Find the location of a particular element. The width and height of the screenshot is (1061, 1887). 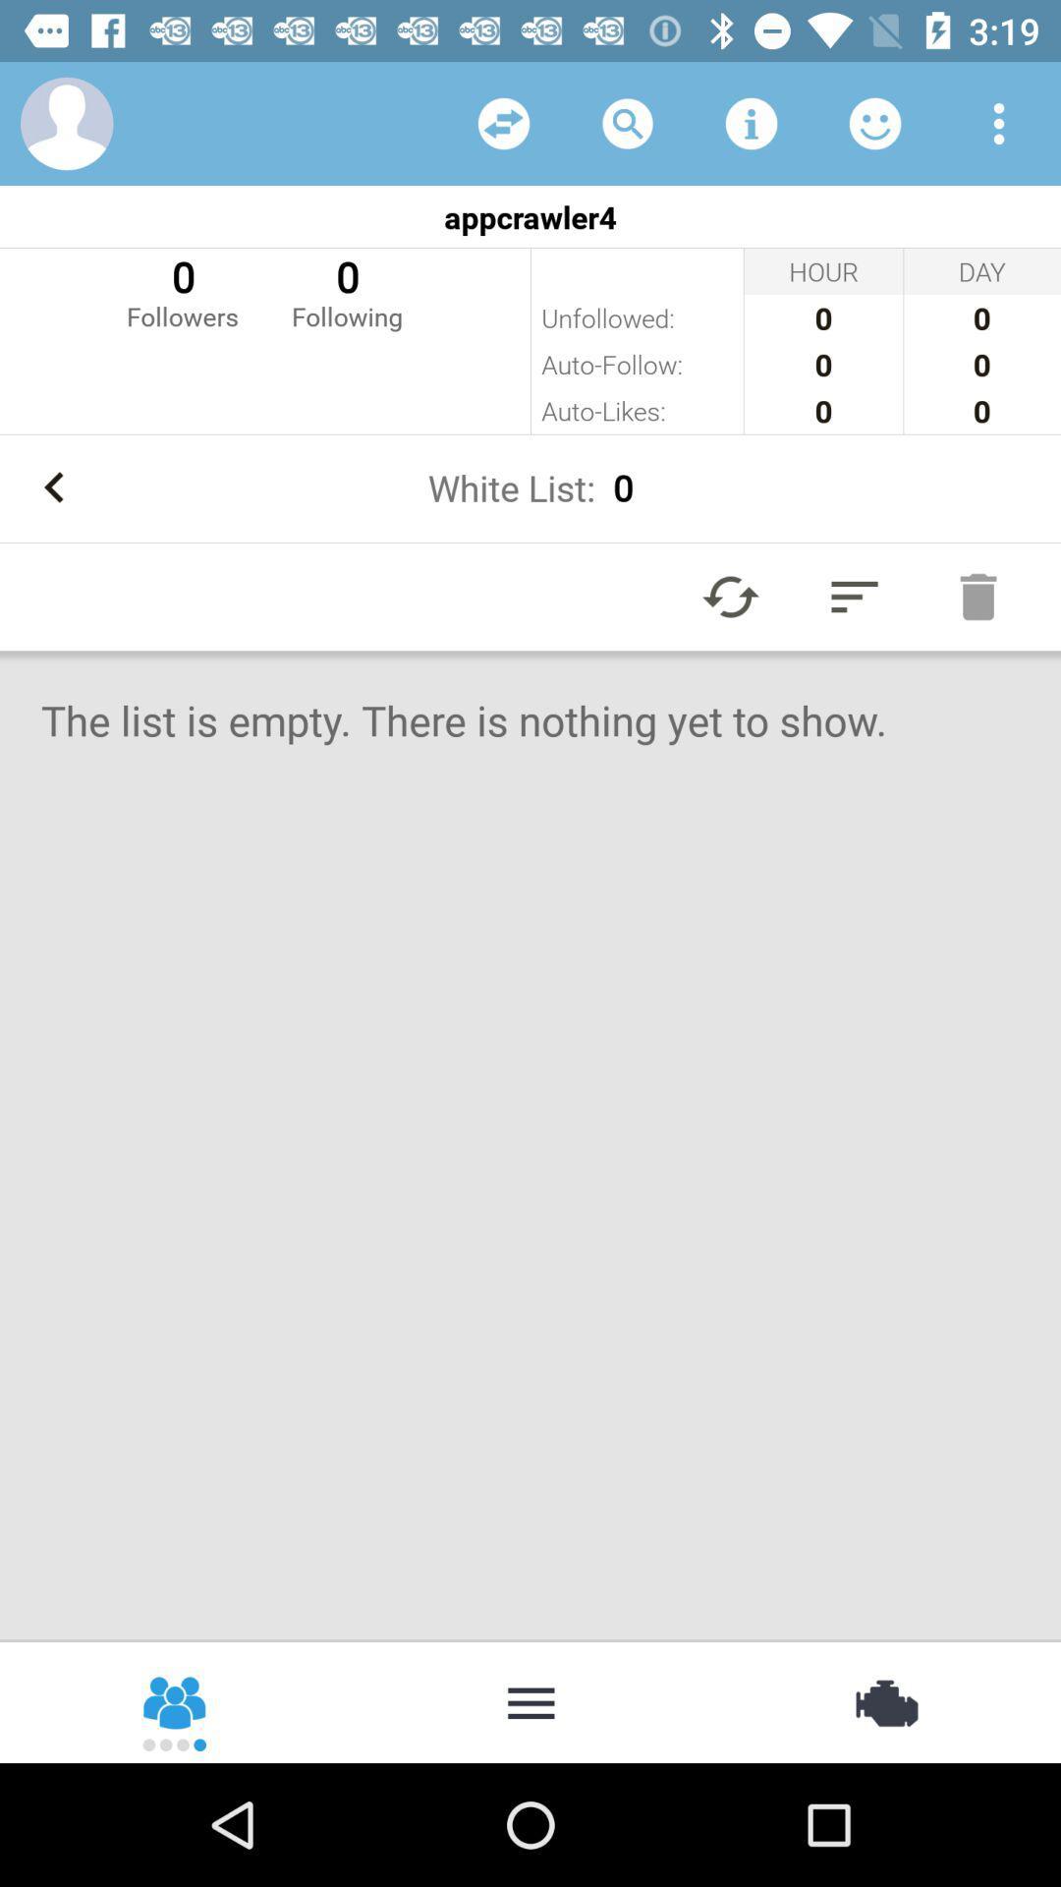

the item above the the list is is located at coordinates (854, 596).